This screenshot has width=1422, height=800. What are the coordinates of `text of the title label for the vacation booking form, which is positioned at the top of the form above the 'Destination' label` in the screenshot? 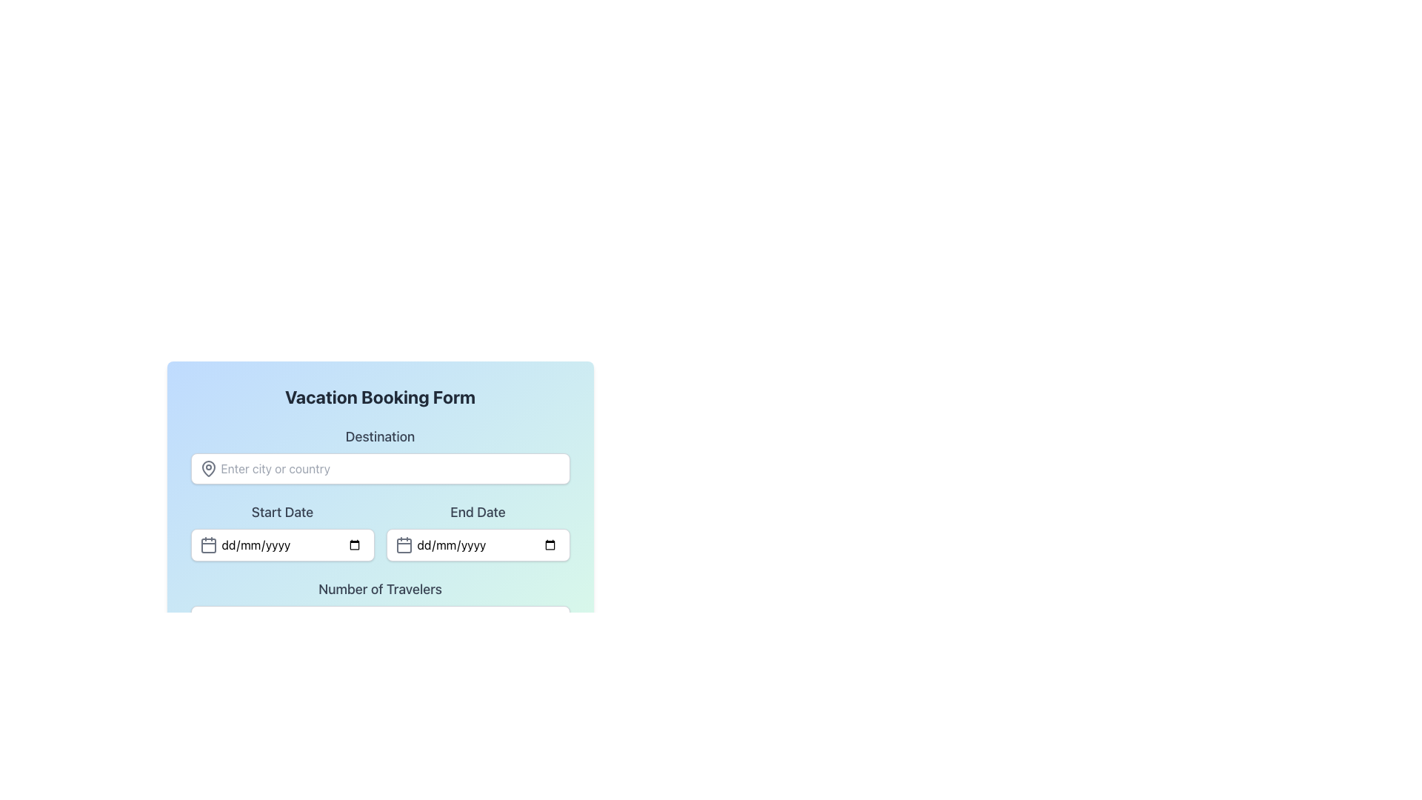 It's located at (380, 396).